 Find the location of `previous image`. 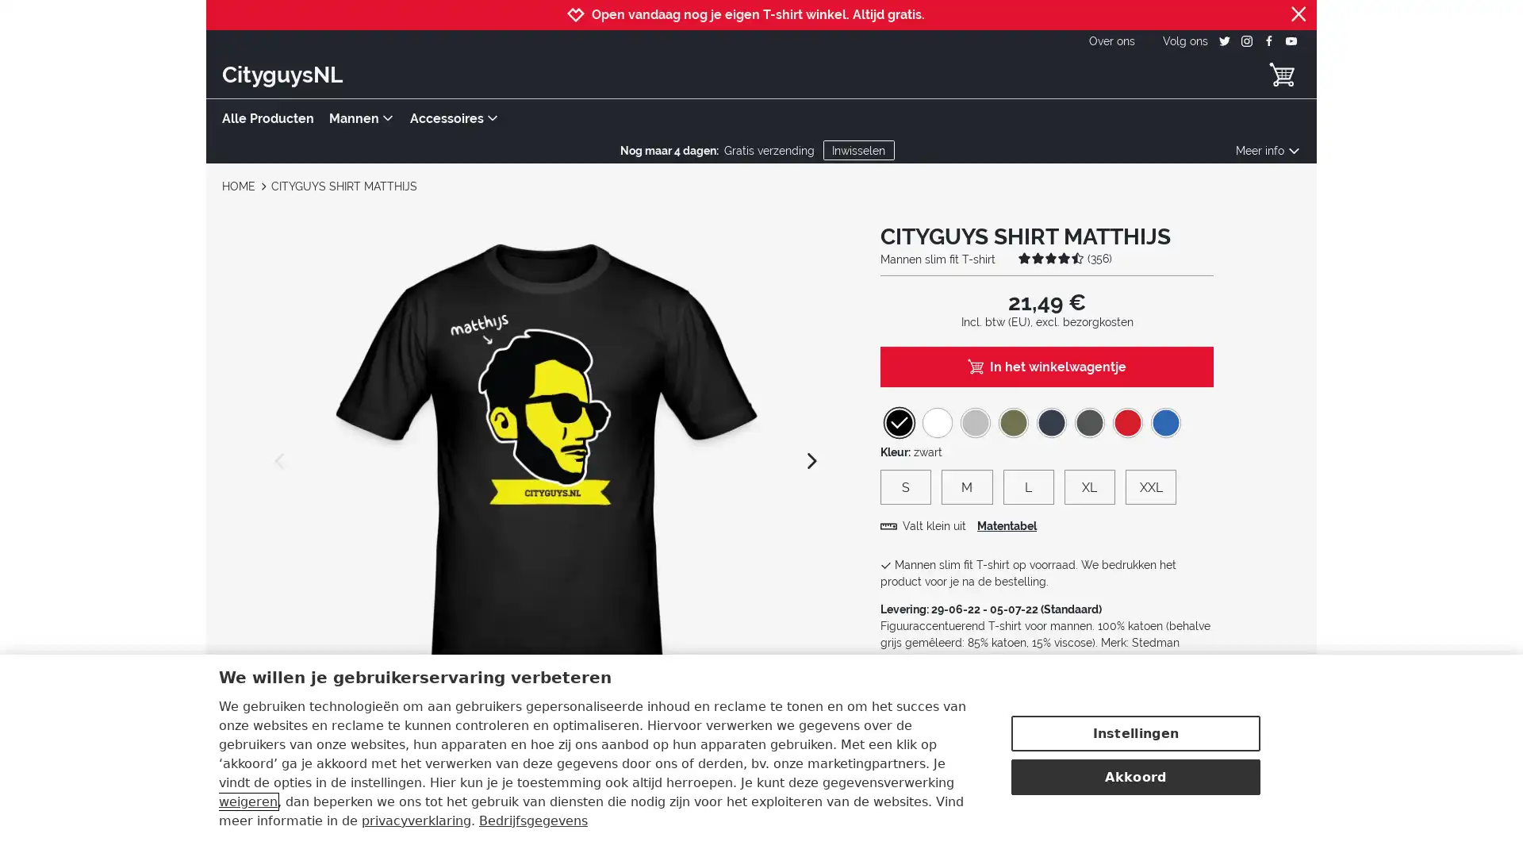

previous image is located at coordinates (281, 459).